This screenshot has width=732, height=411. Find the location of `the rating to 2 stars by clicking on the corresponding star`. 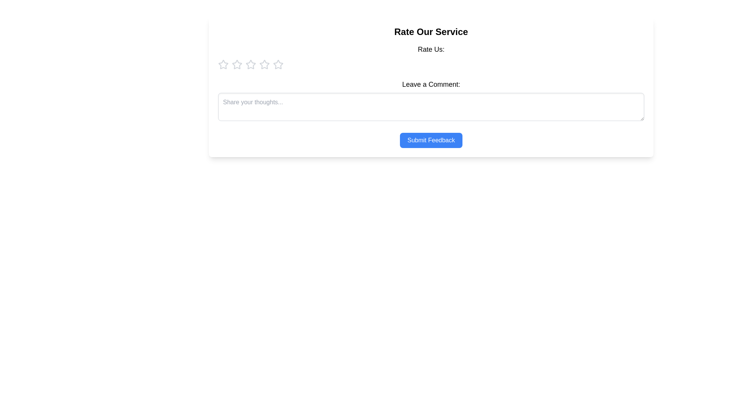

the rating to 2 stars by clicking on the corresponding star is located at coordinates (237, 64).